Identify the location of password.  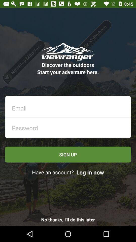
(69, 126).